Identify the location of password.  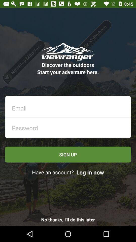
(69, 126).